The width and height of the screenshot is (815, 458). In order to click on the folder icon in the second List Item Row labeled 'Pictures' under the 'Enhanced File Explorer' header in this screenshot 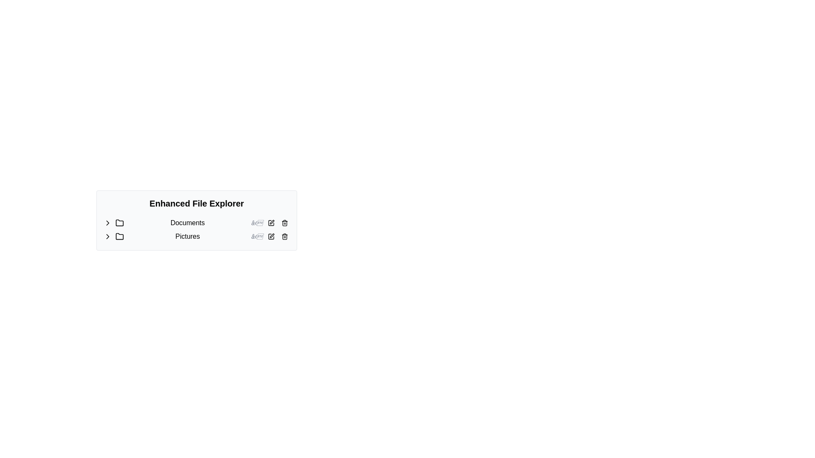, I will do `click(196, 237)`.